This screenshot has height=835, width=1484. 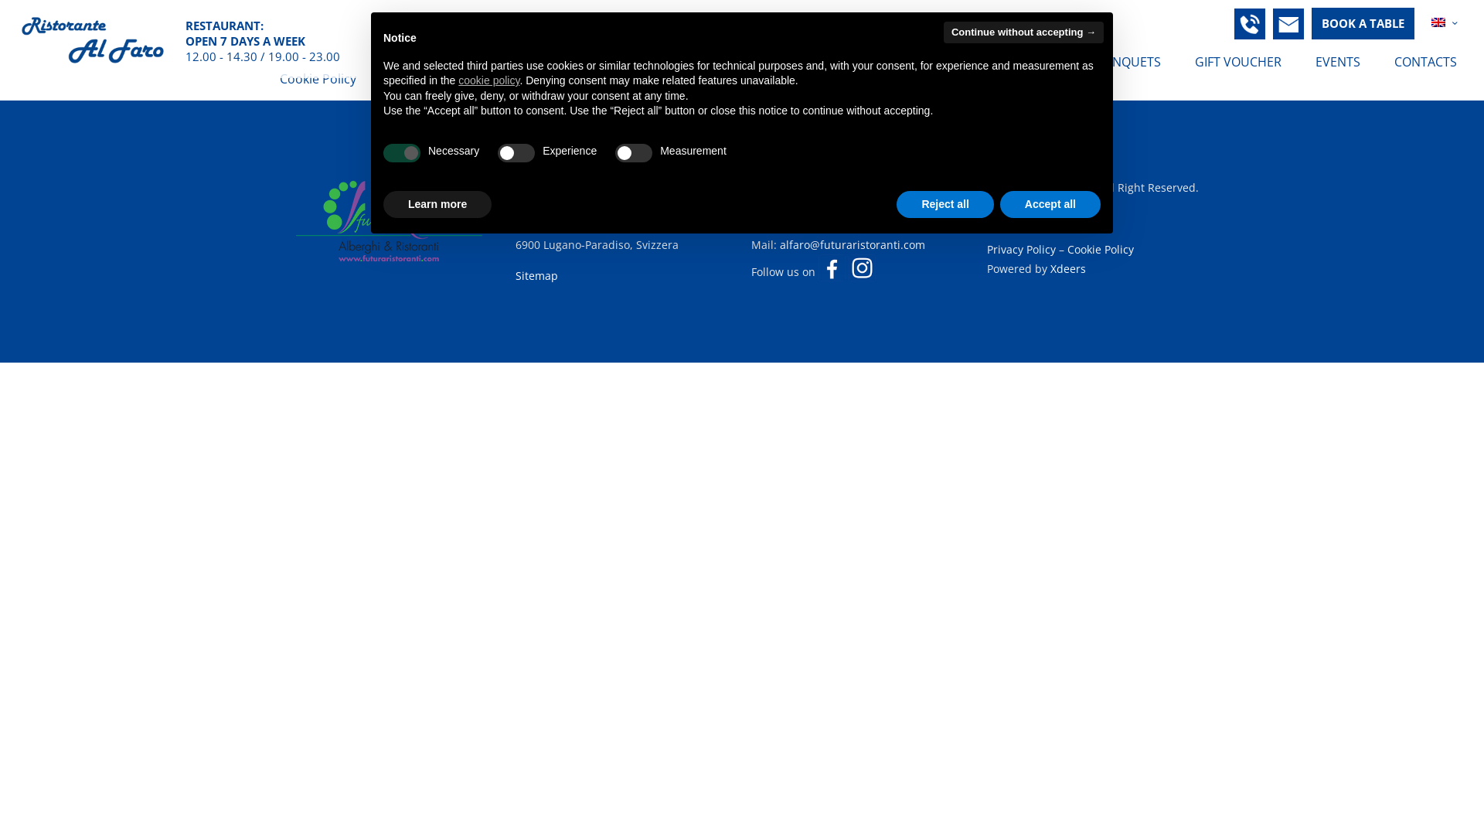 What do you see at coordinates (1067, 268) in the screenshot?
I see `'Xdeers'` at bounding box center [1067, 268].